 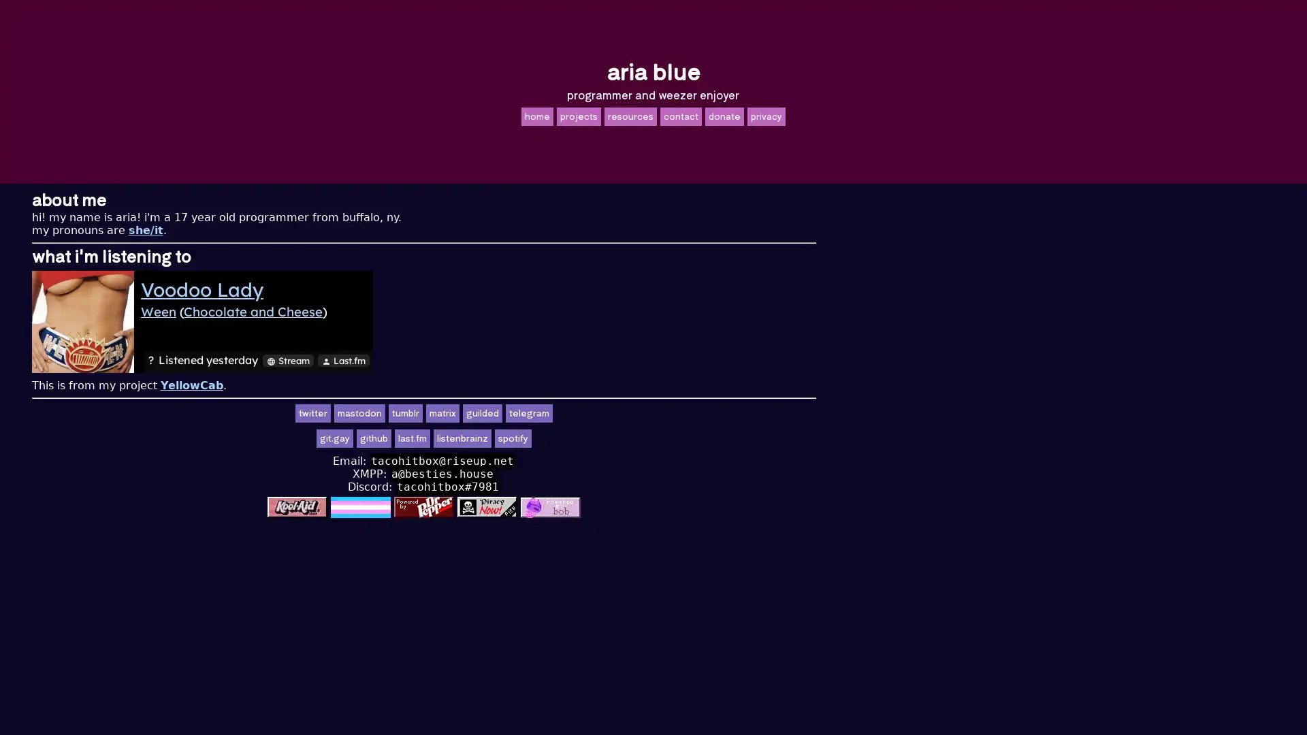 What do you see at coordinates (758, 412) in the screenshot?
I see `telegram` at bounding box center [758, 412].